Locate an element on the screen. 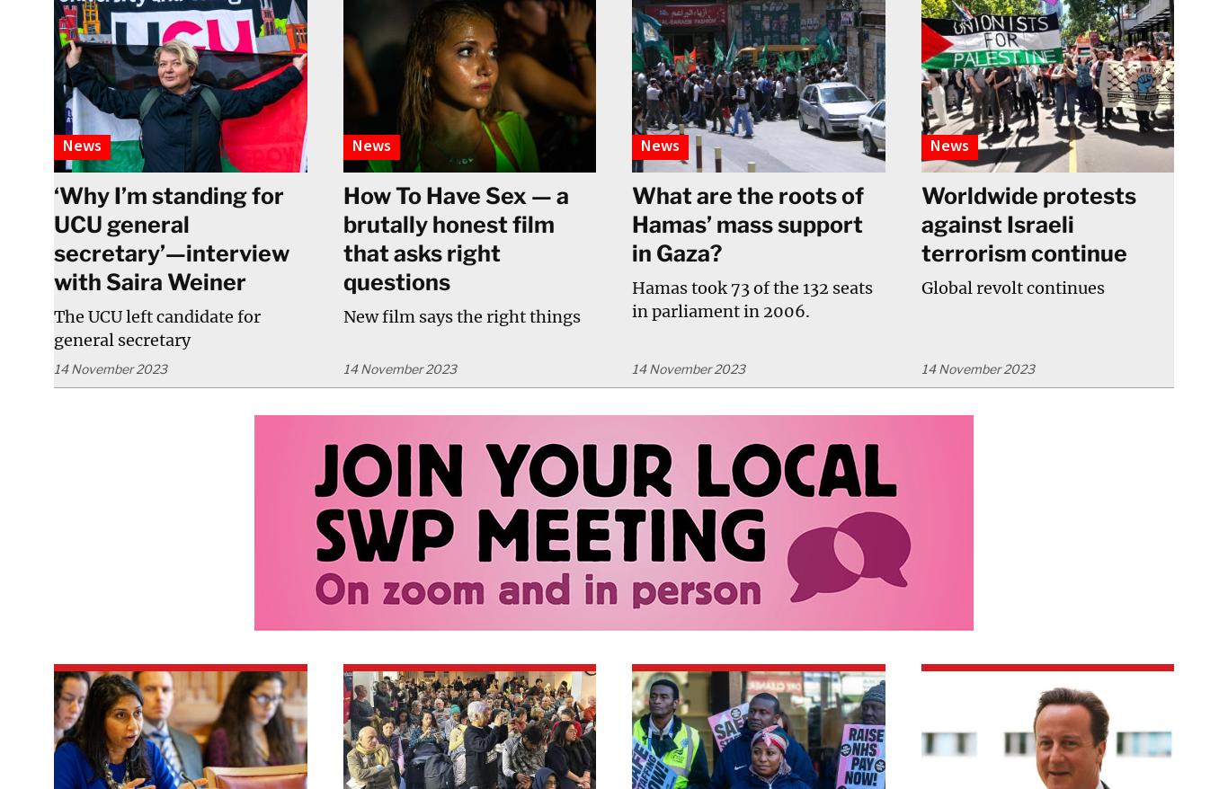 This screenshot has height=789, width=1228. 'Global revolt continues' is located at coordinates (1010, 288).